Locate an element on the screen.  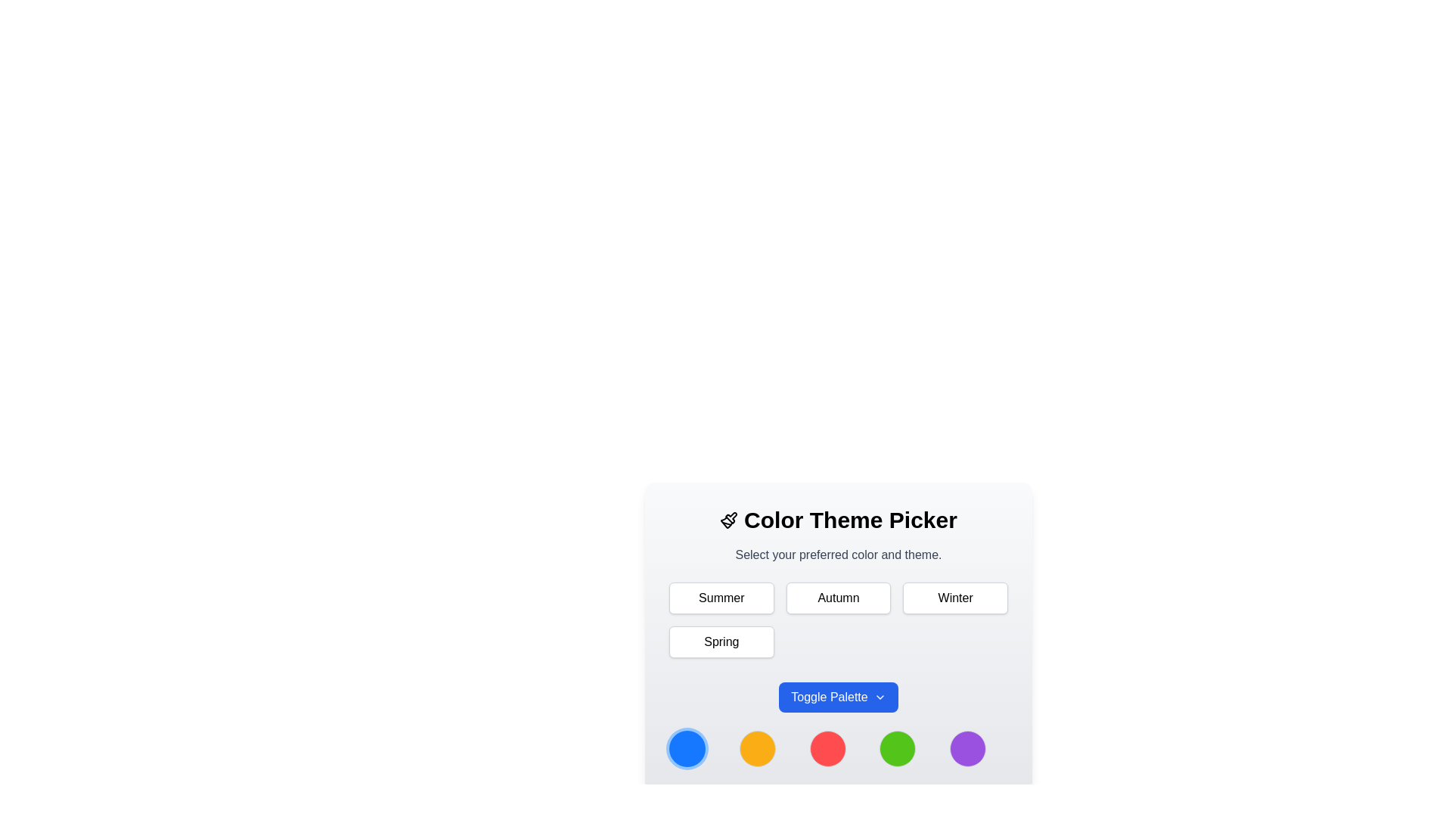
the static text label that reads 'Select your preferred color and theme.' which is styled in gray color and centered below the title 'Color Theme Picker' is located at coordinates (837, 555).